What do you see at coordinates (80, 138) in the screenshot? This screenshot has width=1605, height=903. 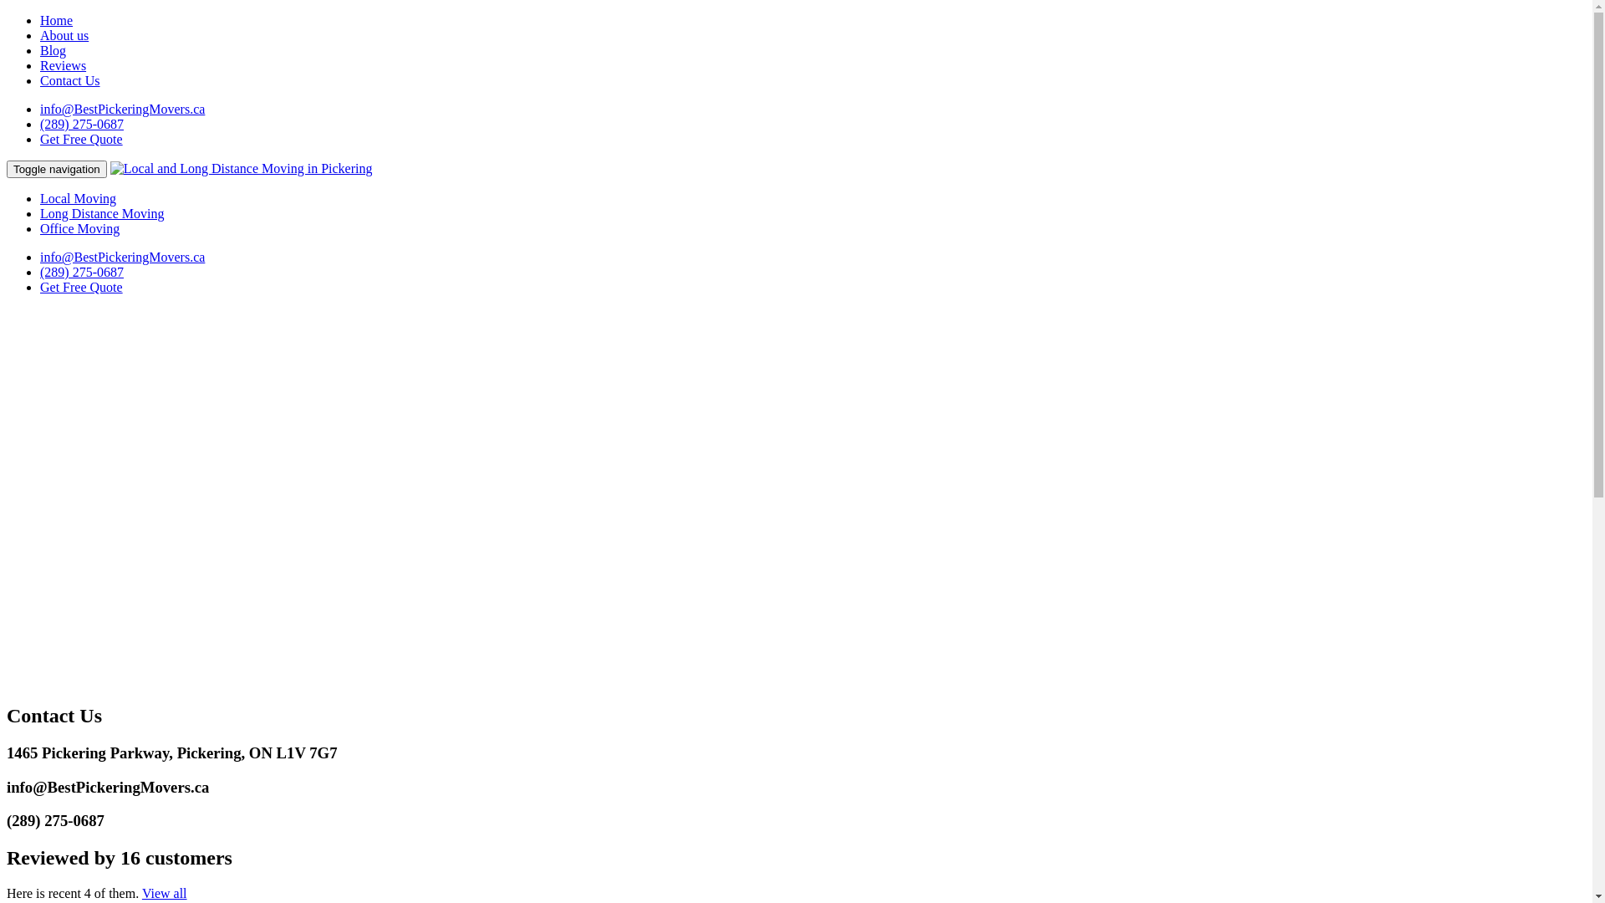 I see `'Get Free Quote'` at bounding box center [80, 138].